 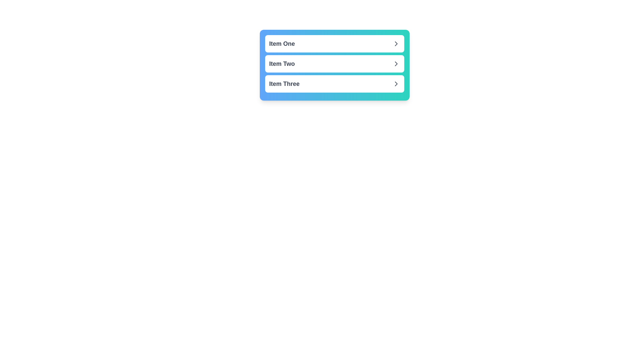 What do you see at coordinates (396, 83) in the screenshot?
I see `the right-pointing chevron icon located in the far-right portion of the blue-green gradient box within the third list item labeled 'Item Three'` at bounding box center [396, 83].